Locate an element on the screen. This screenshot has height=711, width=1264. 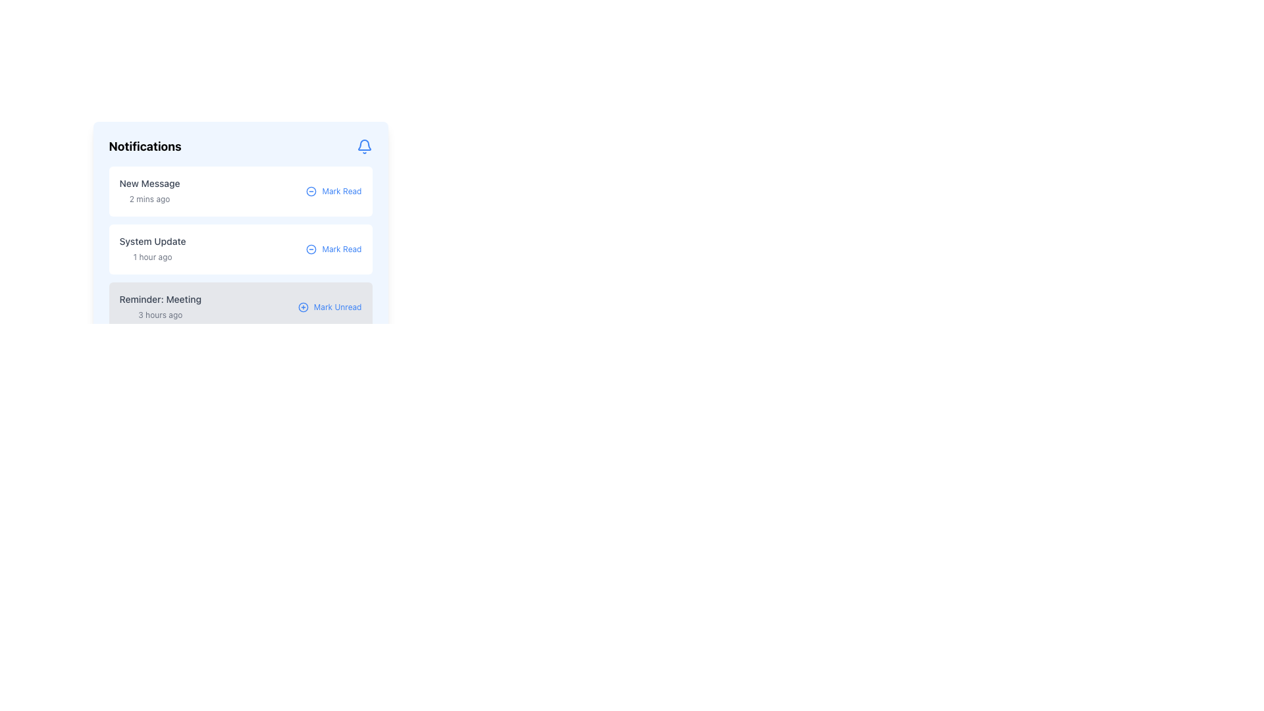
the third notification entry in the notifications list that displays a meeting reminder that occurred 3 hours ago is located at coordinates (159, 307).